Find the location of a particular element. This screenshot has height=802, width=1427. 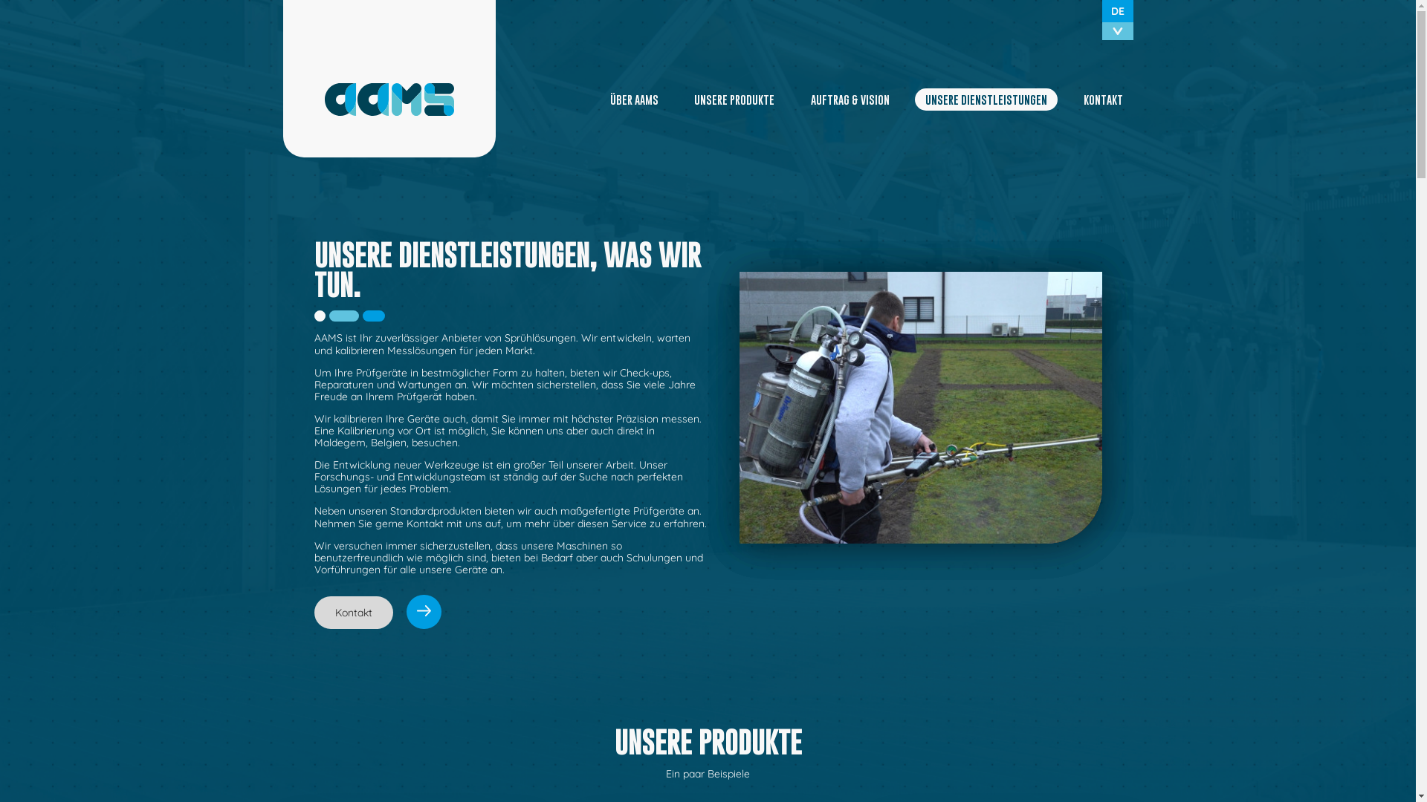

'Kontakt' is located at coordinates (377, 613).